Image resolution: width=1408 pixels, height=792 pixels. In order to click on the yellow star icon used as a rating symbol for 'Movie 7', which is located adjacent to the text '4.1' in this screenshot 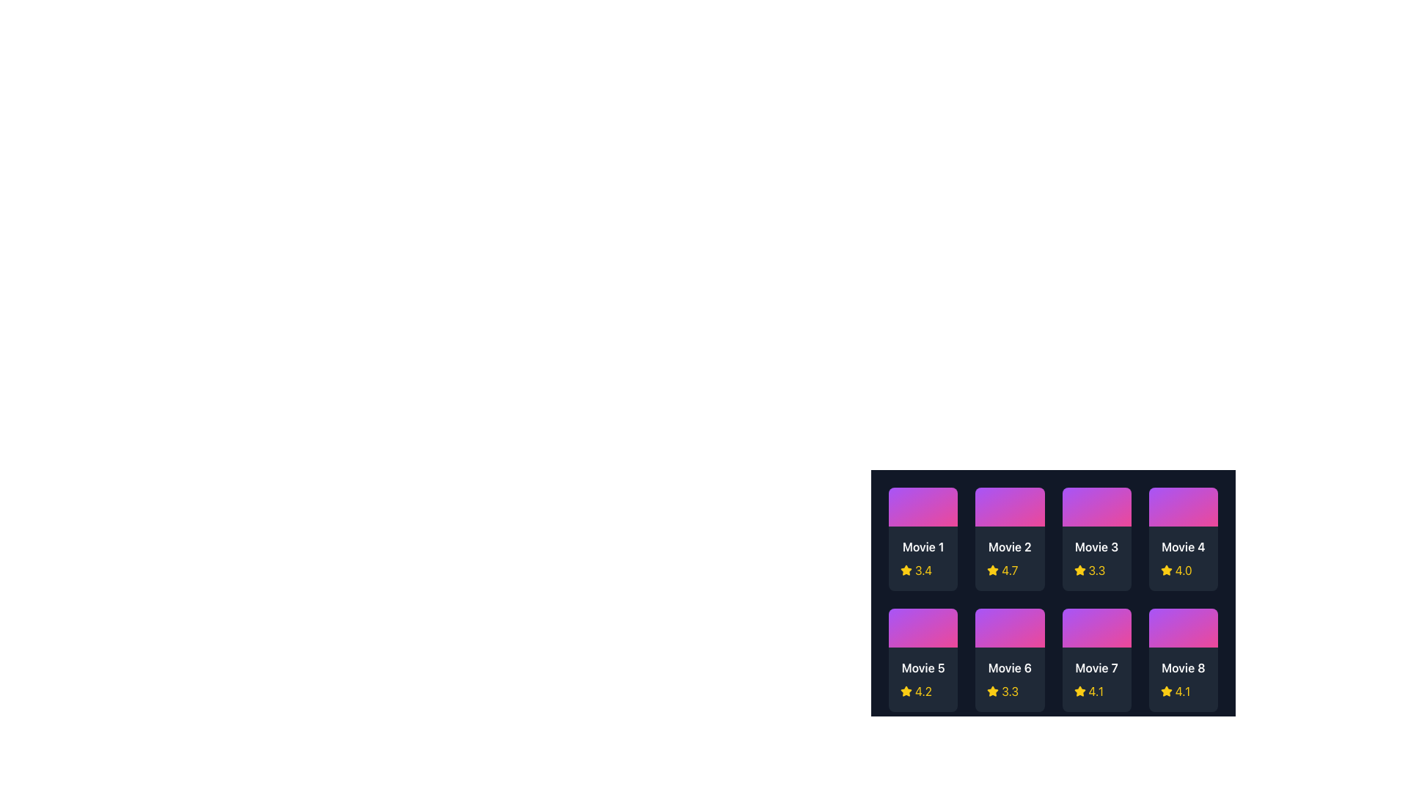, I will do `click(1079, 692)`.